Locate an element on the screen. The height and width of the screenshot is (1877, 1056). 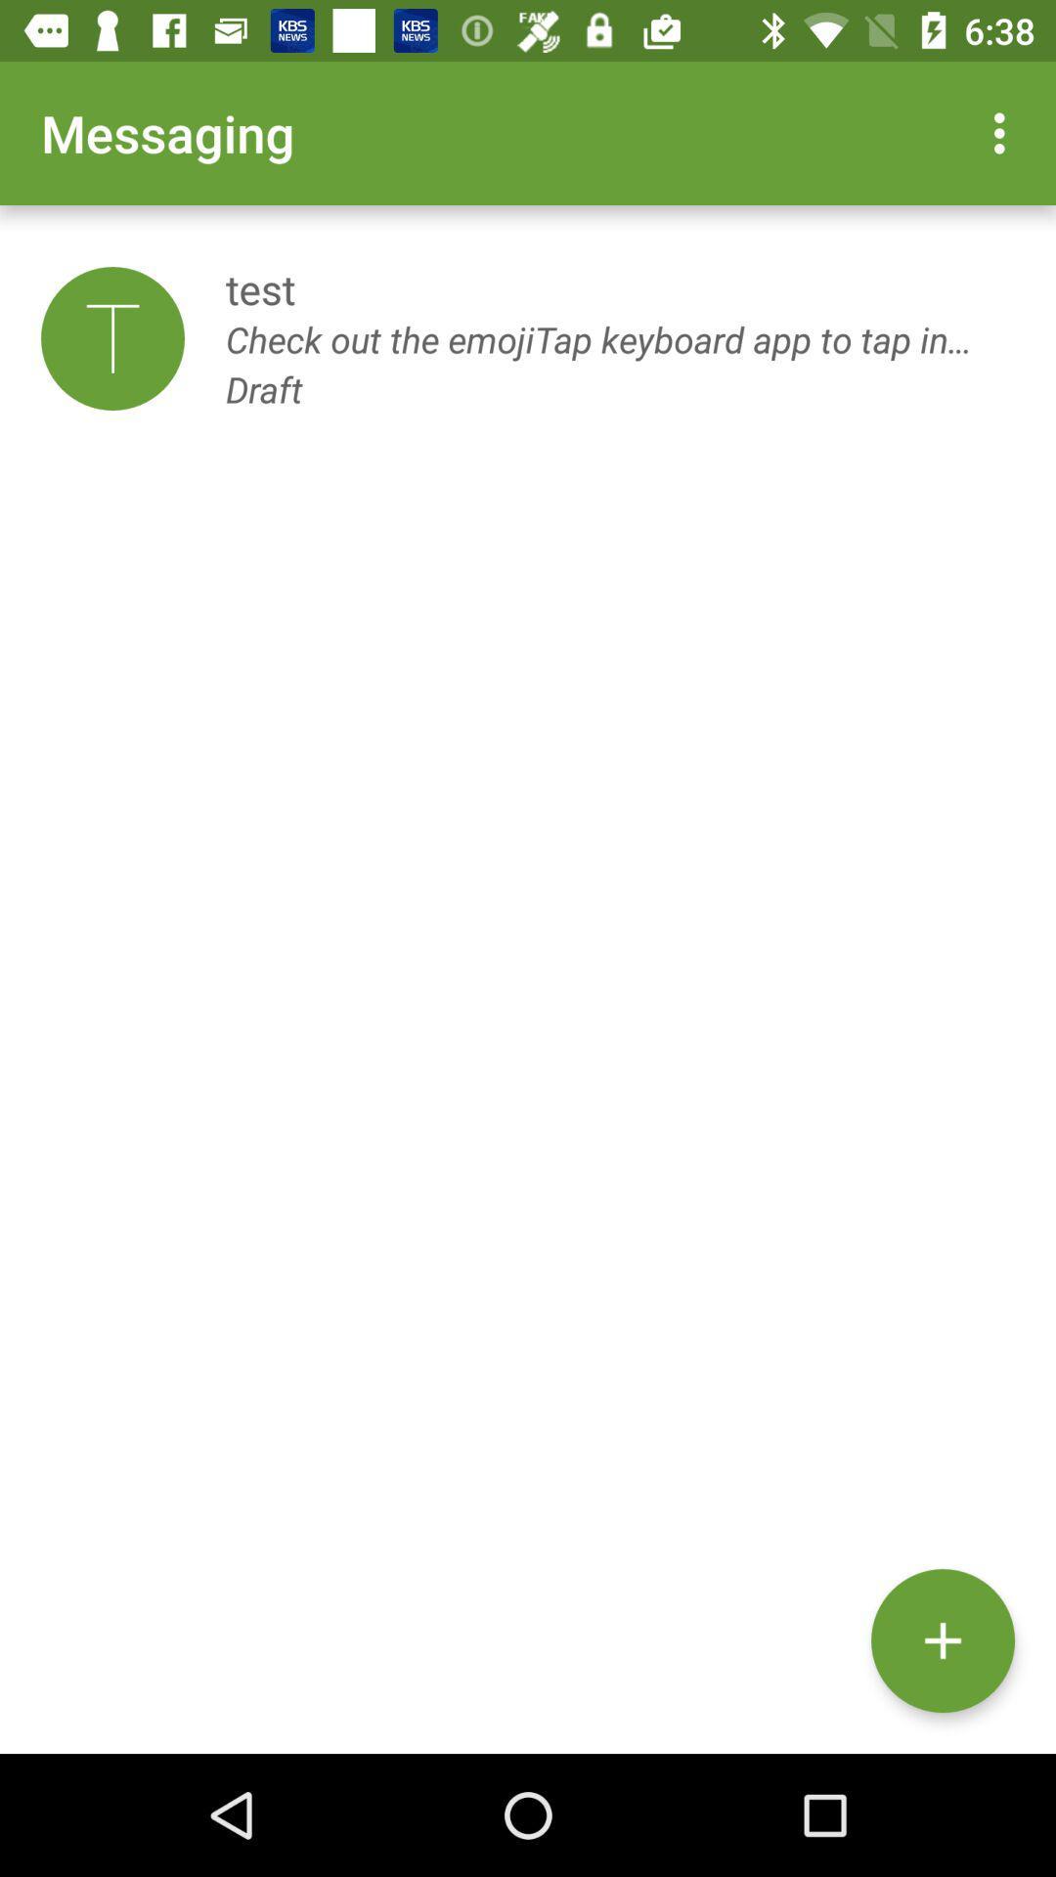
the icon to the left of test icon is located at coordinates (112, 338).